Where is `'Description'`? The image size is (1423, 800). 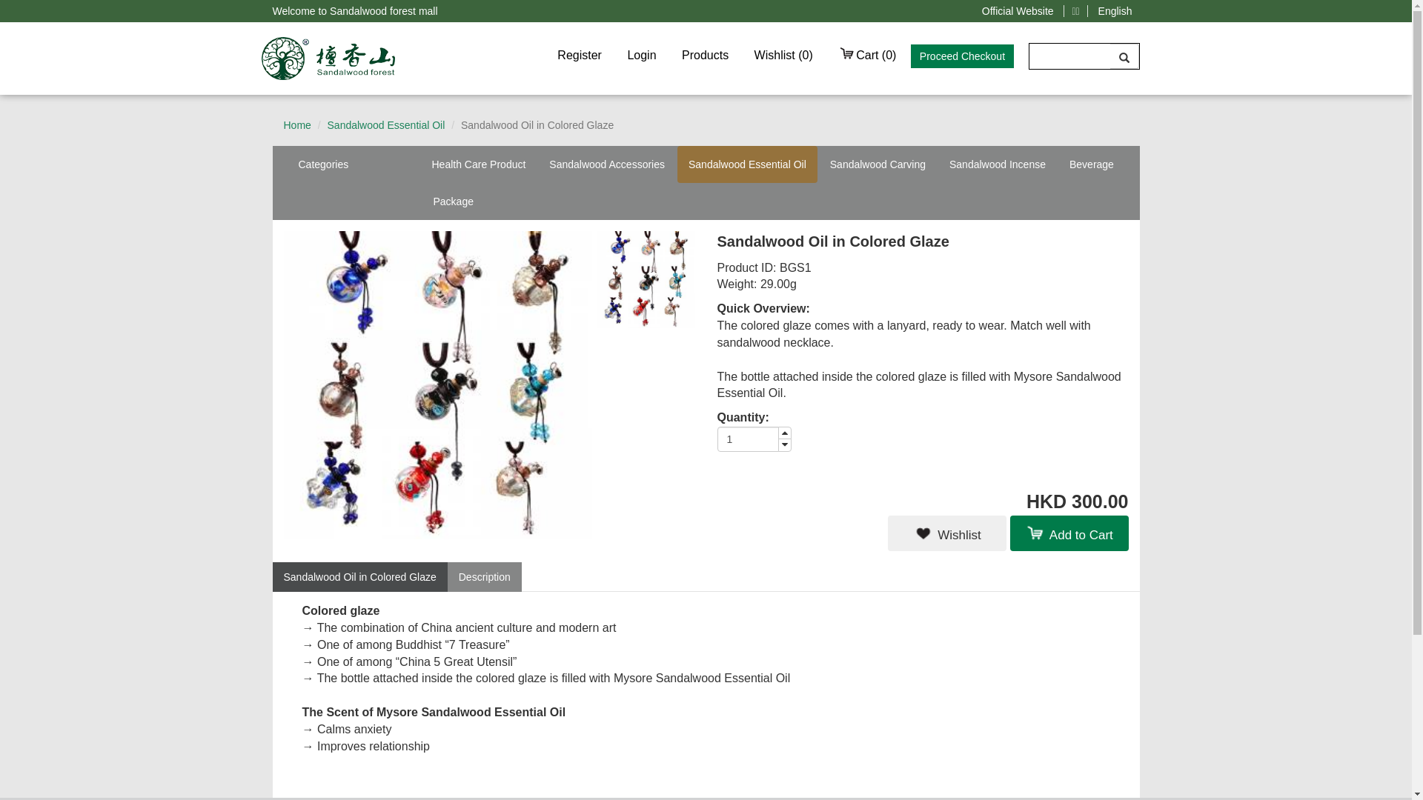
'Description' is located at coordinates (484, 576).